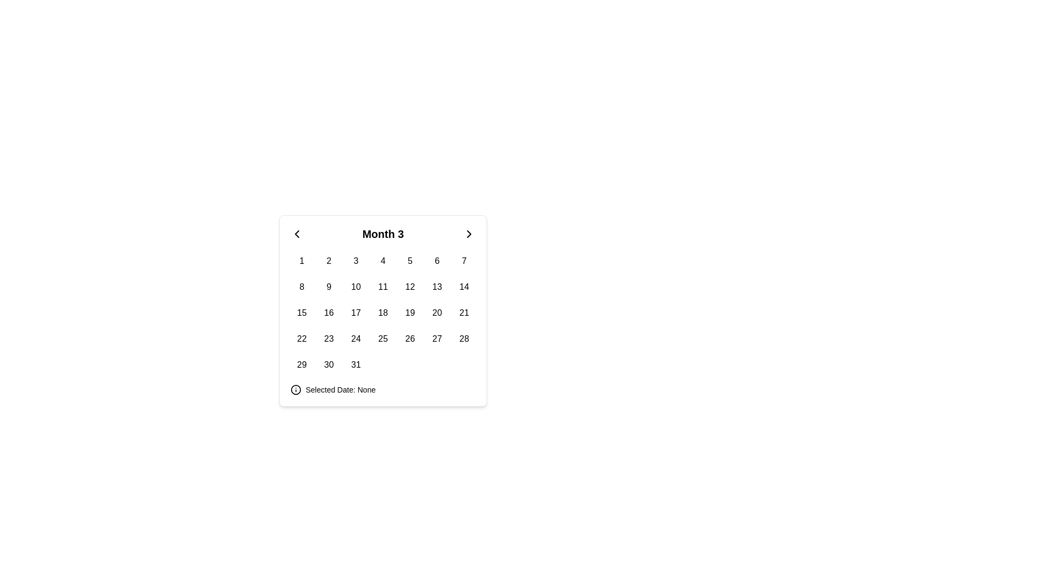 Image resolution: width=1039 pixels, height=584 pixels. What do you see at coordinates (328, 261) in the screenshot?
I see `the square button with rounded corners displaying the text '2' in the calendar table` at bounding box center [328, 261].